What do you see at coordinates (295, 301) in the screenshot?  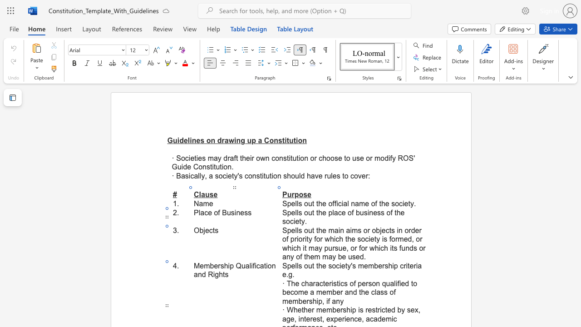 I see `the 5th character "m" in the text` at bounding box center [295, 301].